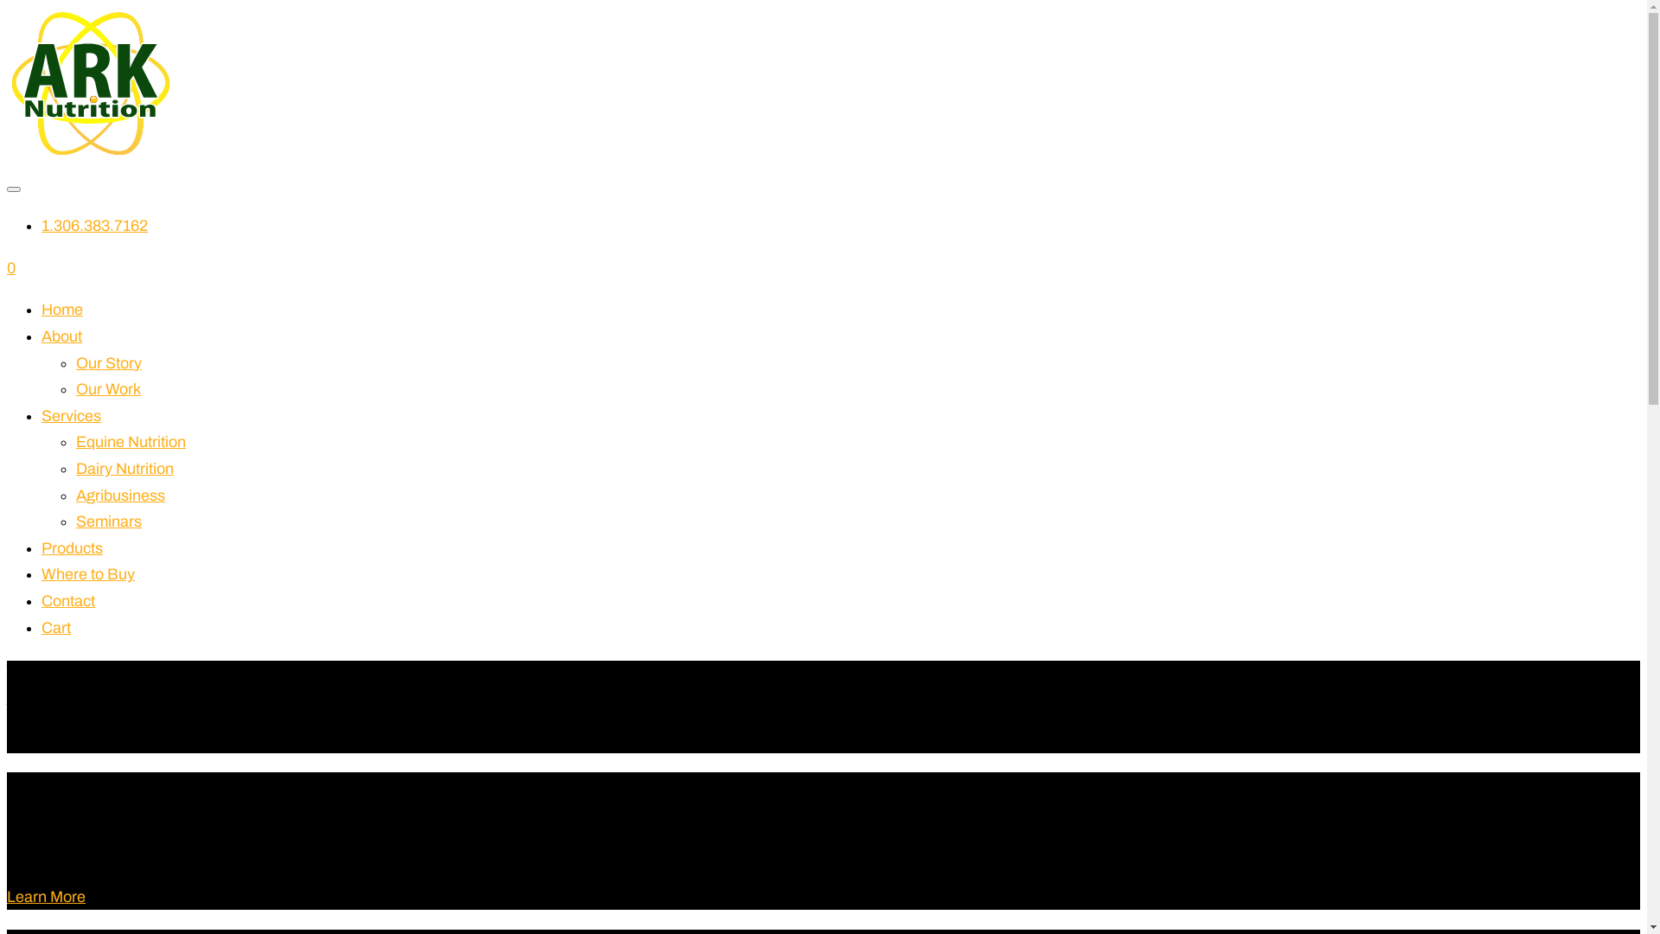 The width and height of the screenshot is (1660, 934). I want to click on '0', so click(11, 267).